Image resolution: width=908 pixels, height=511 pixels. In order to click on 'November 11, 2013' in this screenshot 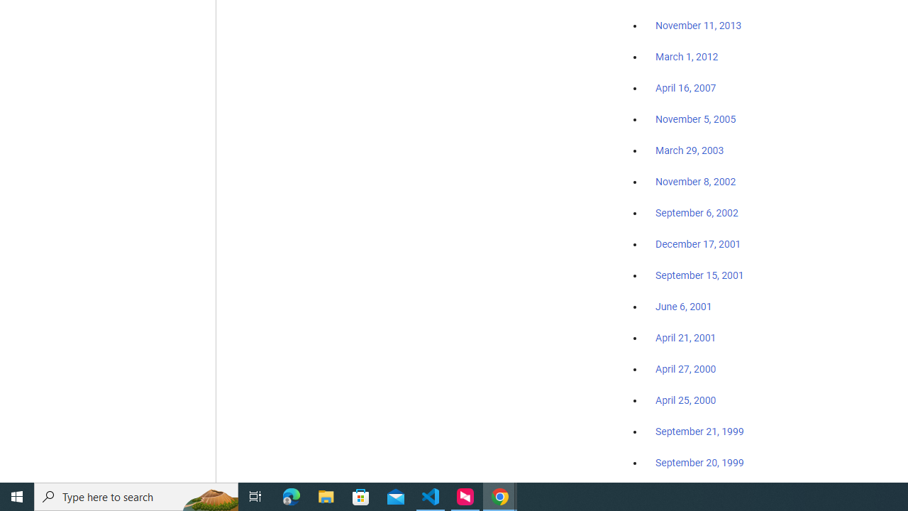, I will do `click(698, 26)`.